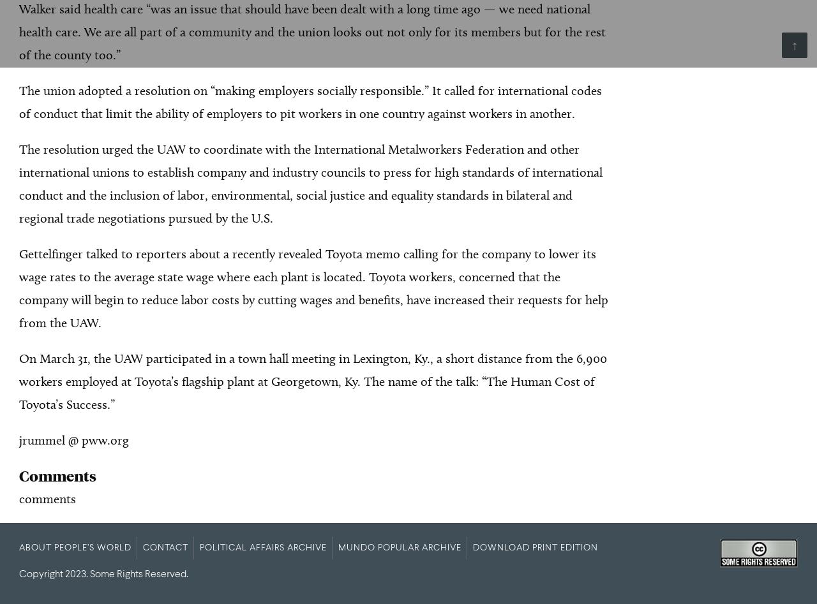 Image resolution: width=817 pixels, height=604 pixels. Describe the element at coordinates (103, 573) in the screenshot. I see `'Copyright 2023. Some Rights Reserved.'` at that location.